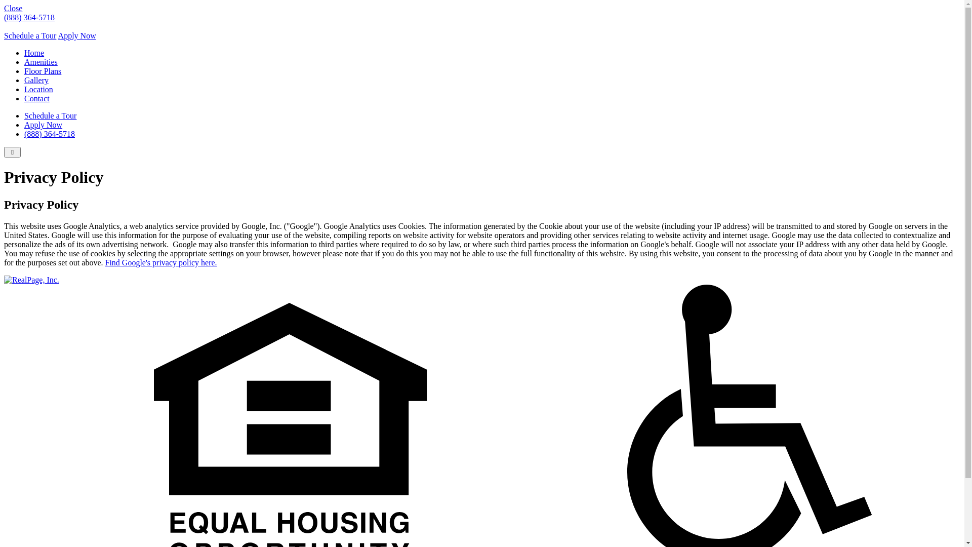  I want to click on 'Home', so click(34, 53).